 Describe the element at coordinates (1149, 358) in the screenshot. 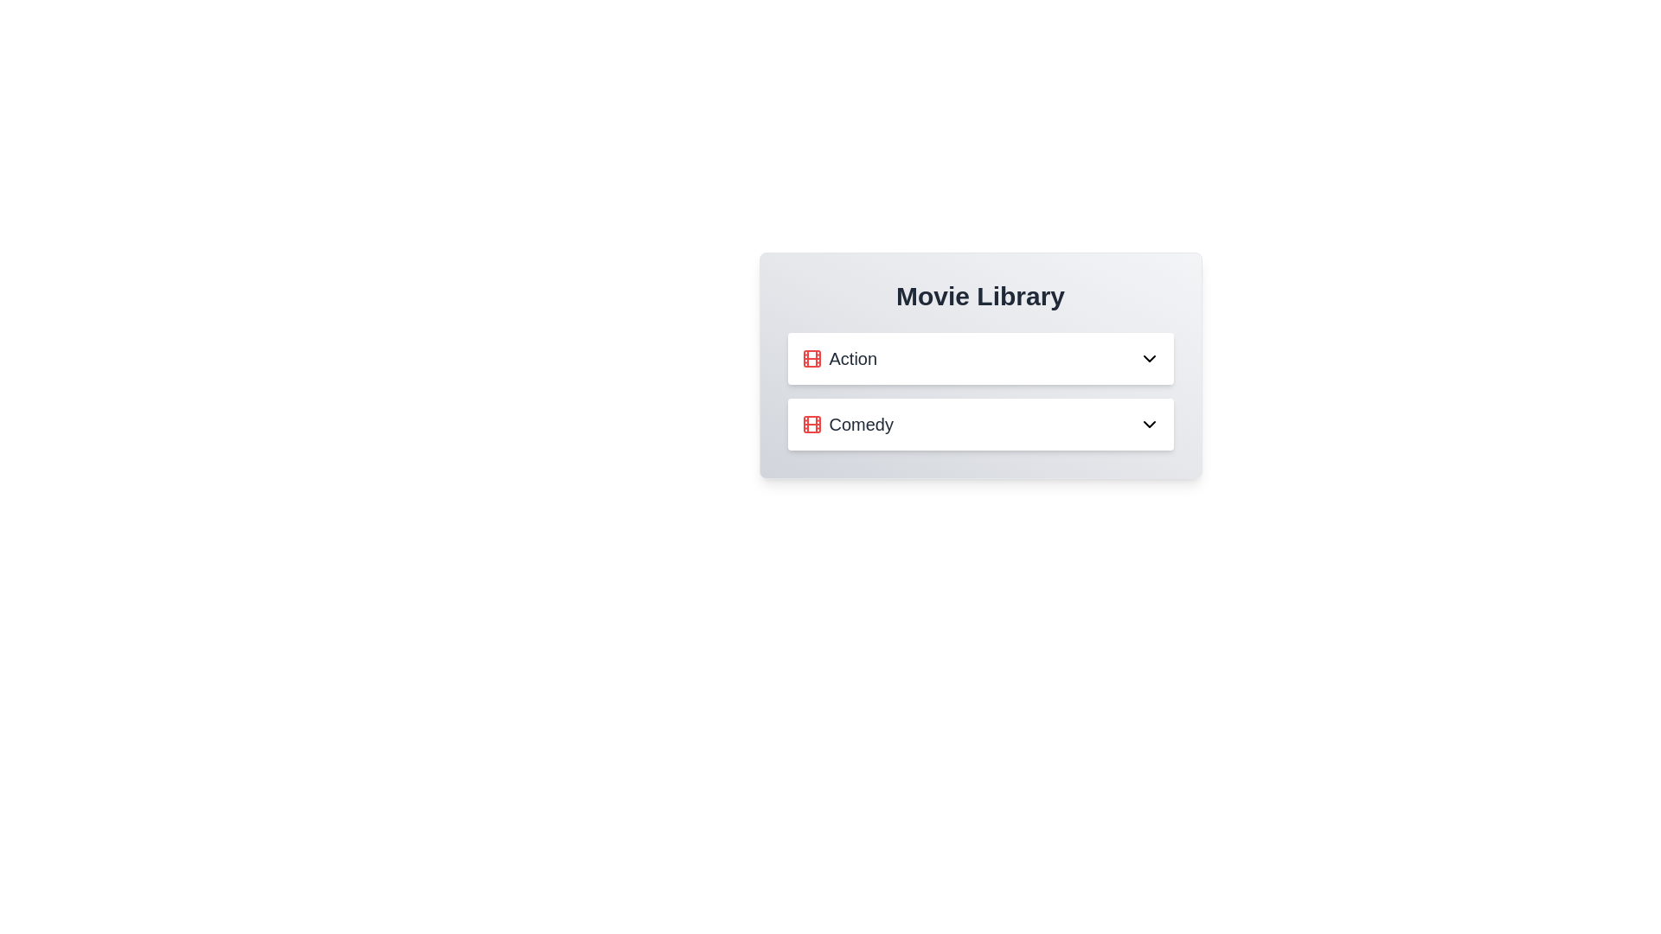

I see `the dropdown button of the Action category to expand it` at that location.